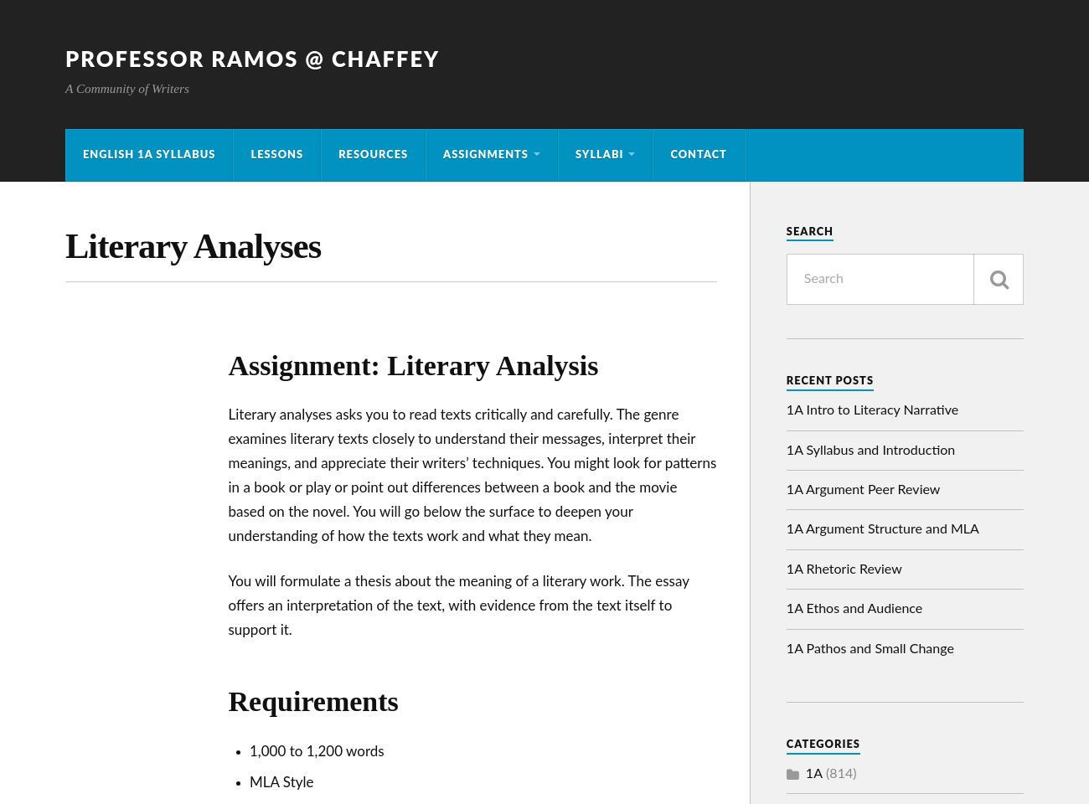  I want to click on '1A Ethos and Audience', so click(785, 608).